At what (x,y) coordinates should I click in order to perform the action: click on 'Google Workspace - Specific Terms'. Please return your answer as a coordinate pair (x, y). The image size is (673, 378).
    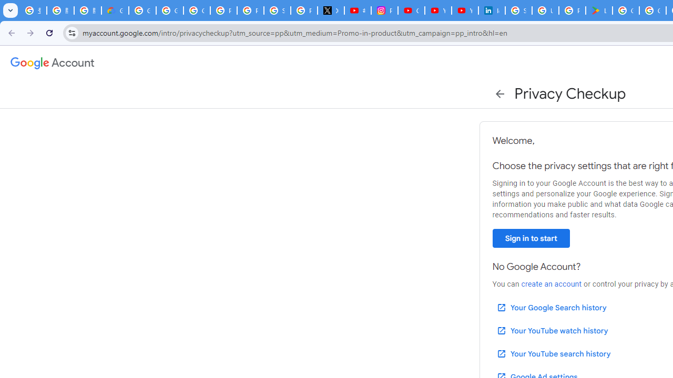
    Looking at the image, I should click on (652, 10).